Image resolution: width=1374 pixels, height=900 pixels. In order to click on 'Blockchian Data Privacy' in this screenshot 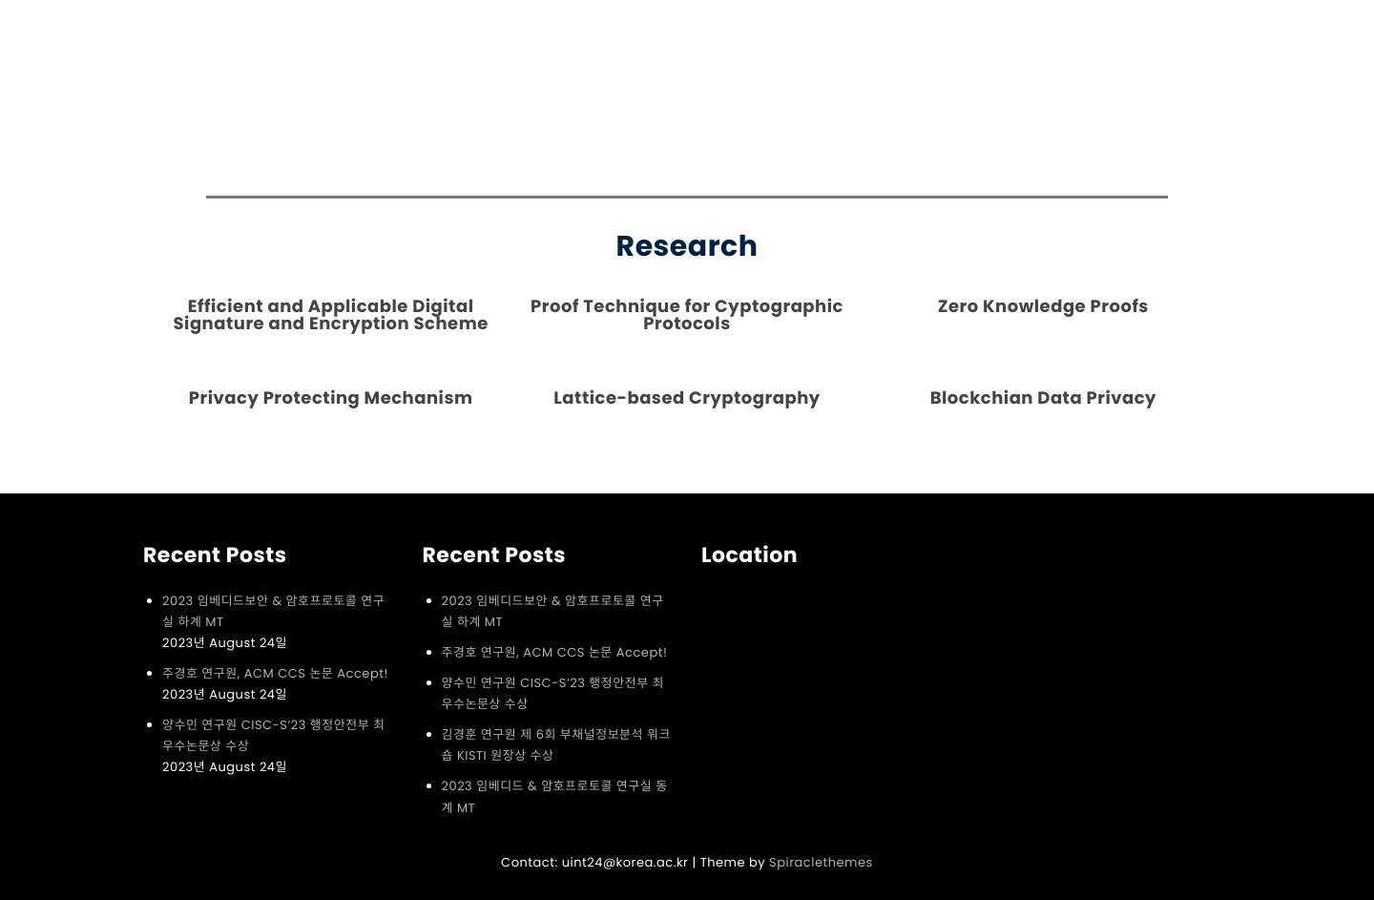, I will do `click(1041, 396)`.